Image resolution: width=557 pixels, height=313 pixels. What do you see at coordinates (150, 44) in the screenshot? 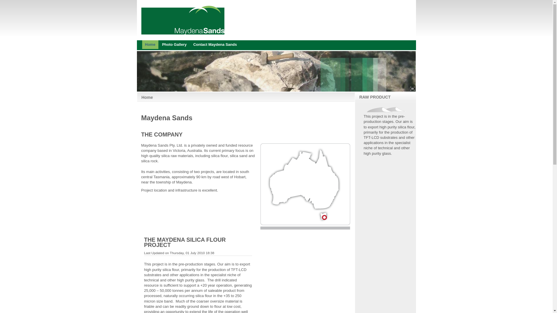
I see `'Home'` at bounding box center [150, 44].